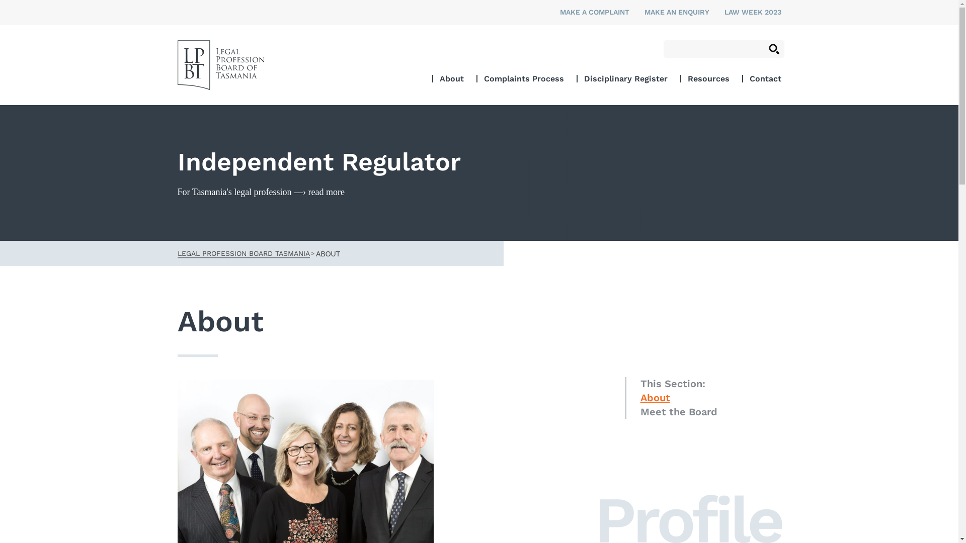 This screenshot has height=543, width=966. I want to click on 'MAKE A COMPLAINT', so click(594, 12).